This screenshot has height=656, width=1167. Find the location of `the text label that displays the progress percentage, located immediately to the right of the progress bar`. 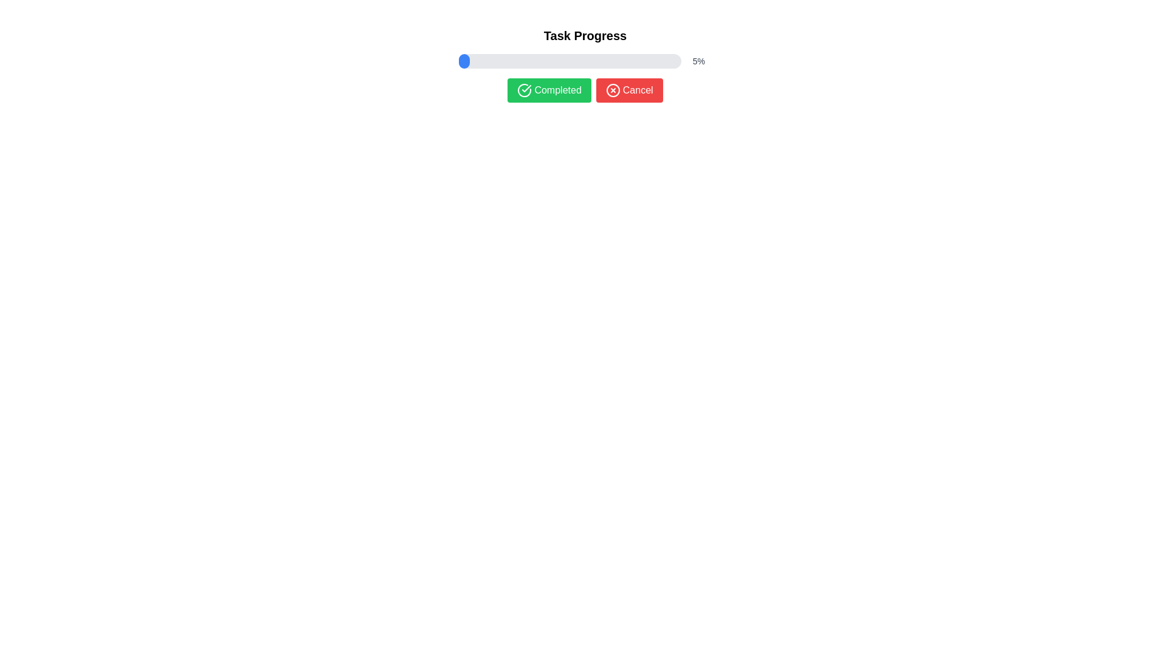

the text label that displays the progress percentage, located immediately to the right of the progress bar is located at coordinates (698, 61).